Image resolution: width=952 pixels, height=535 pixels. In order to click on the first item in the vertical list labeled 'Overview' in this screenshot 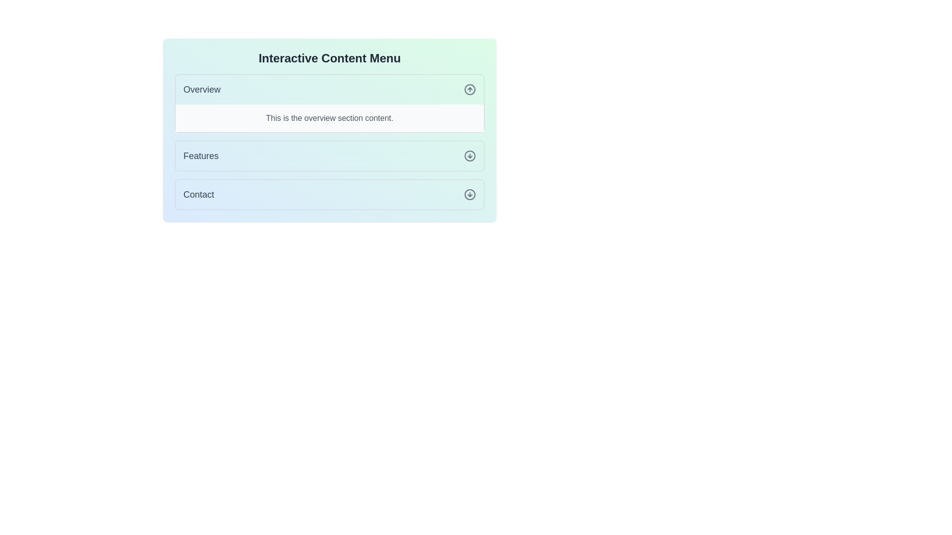, I will do `click(330, 90)`.